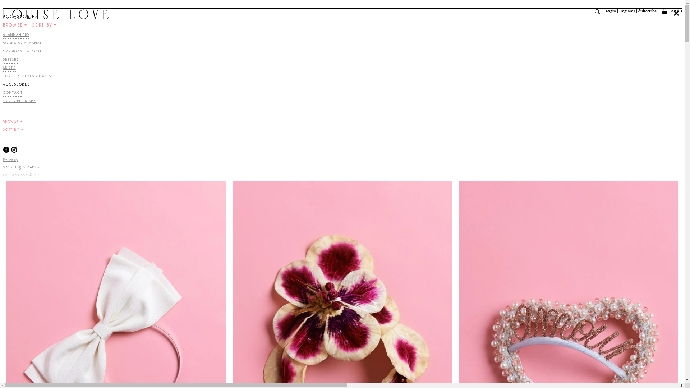 The image size is (690, 388). I want to click on 'CARDIGANS & JACKETS', so click(25, 52).